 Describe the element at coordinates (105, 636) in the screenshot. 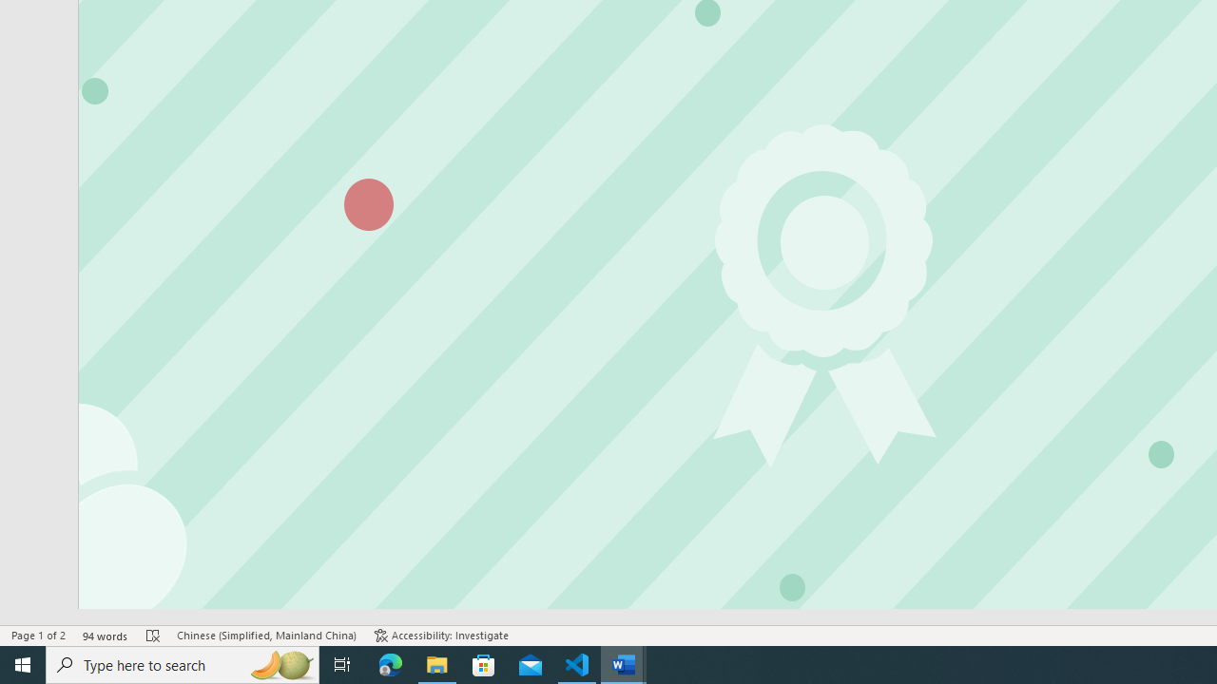

I see `'Word Count 94 words'` at that location.